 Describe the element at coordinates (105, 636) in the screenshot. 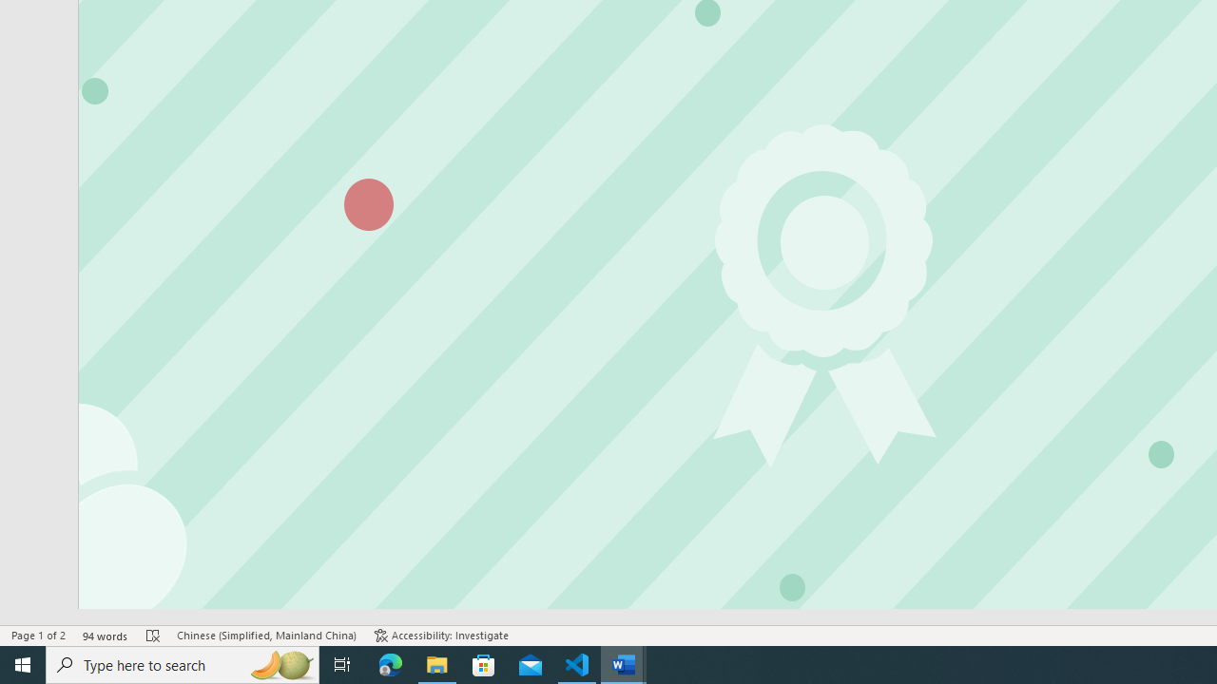

I see `'Word Count 94 words'` at that location.